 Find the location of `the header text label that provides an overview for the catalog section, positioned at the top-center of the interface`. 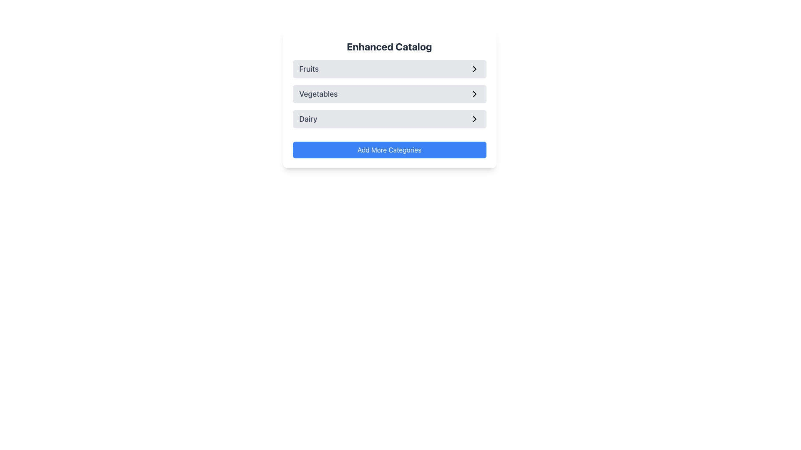

the header text label that provides an overview for the catalog section, positioned at the top-center of the interface is located at coordinates (389, 46).